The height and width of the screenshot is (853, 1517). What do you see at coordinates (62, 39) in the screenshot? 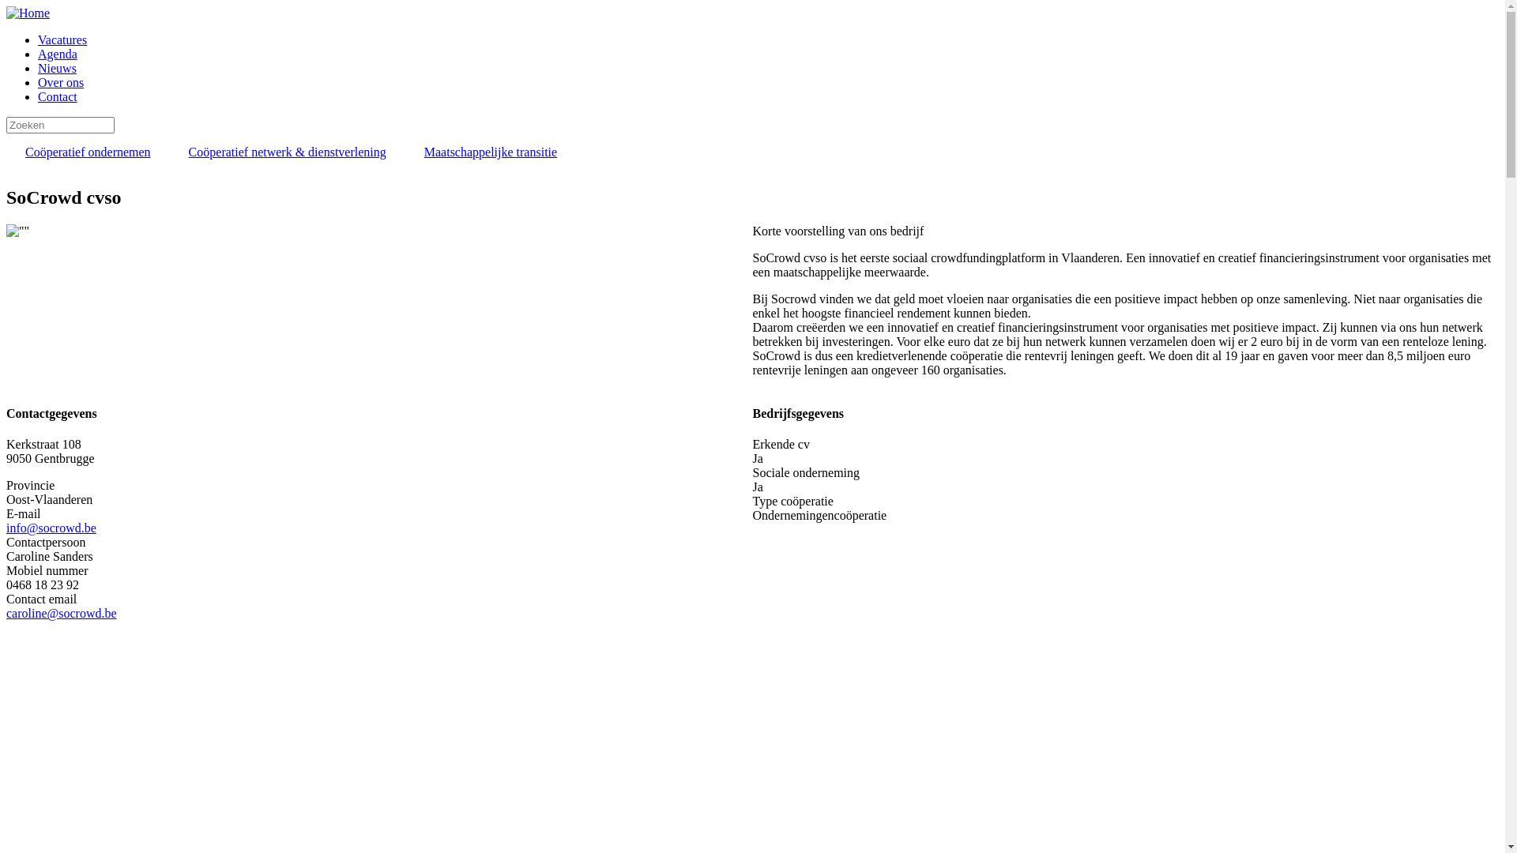
I see `'Vacatures'` at bounding box center [62, 39].